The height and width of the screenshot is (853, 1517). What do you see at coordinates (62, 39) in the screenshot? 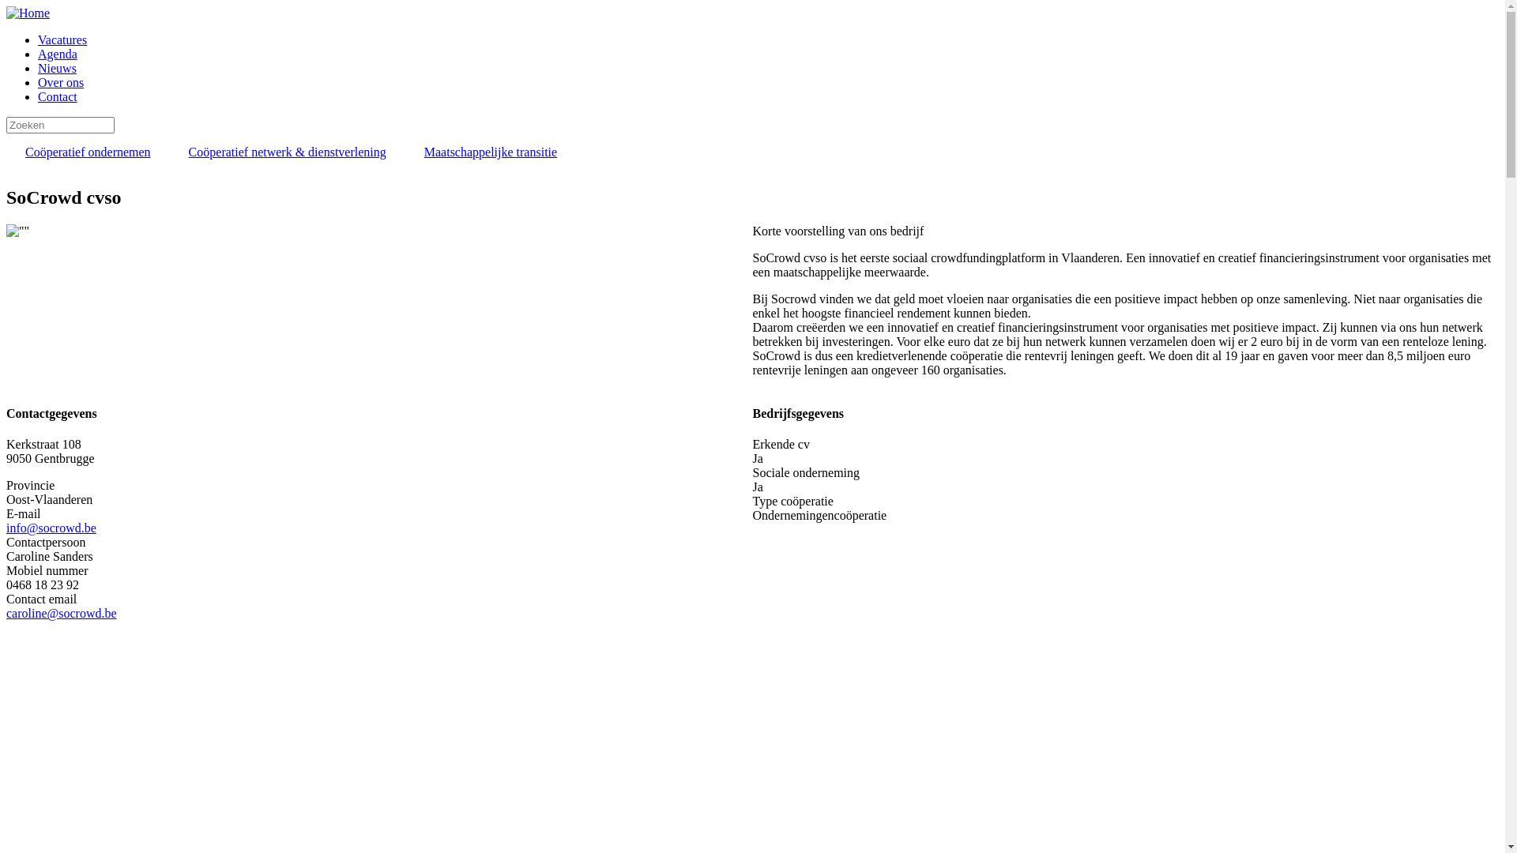
I see `'Vacatures'` at bounding box center [62, 39].